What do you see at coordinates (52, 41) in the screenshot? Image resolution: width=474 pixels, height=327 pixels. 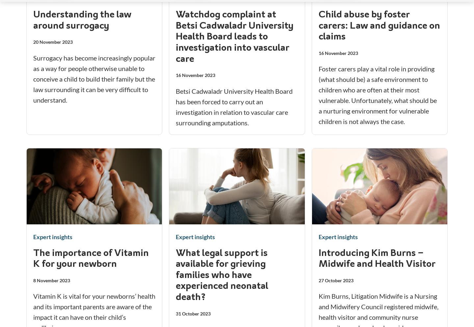 I see `'20 November 2023'` at bounding box center [52, 41].